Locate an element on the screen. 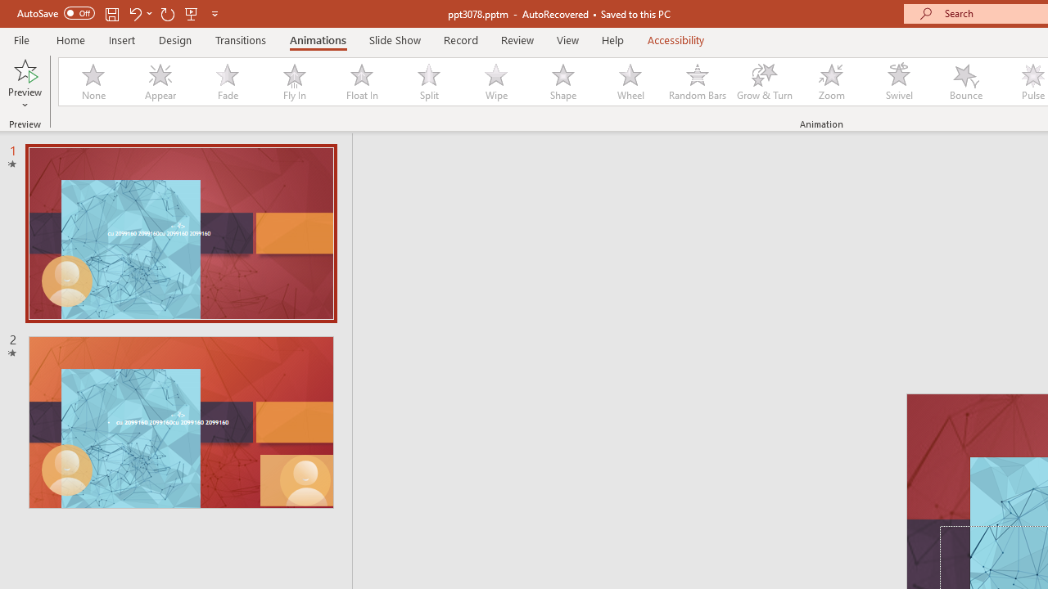  'Grow & Turn' is located at coordinates (764, 82).